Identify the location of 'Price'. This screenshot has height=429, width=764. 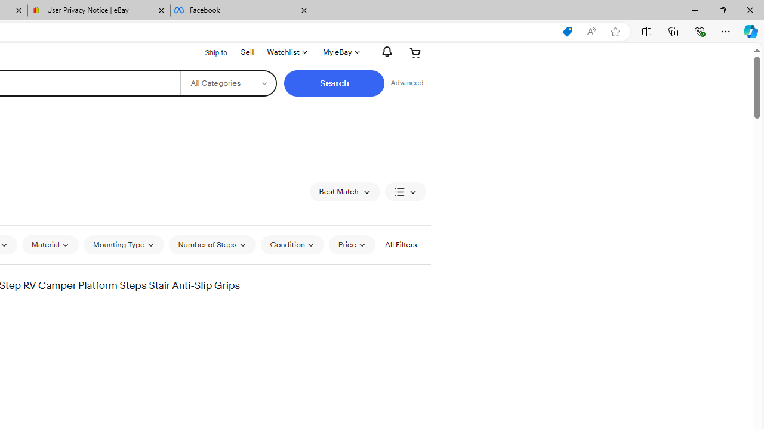
(351, 244).